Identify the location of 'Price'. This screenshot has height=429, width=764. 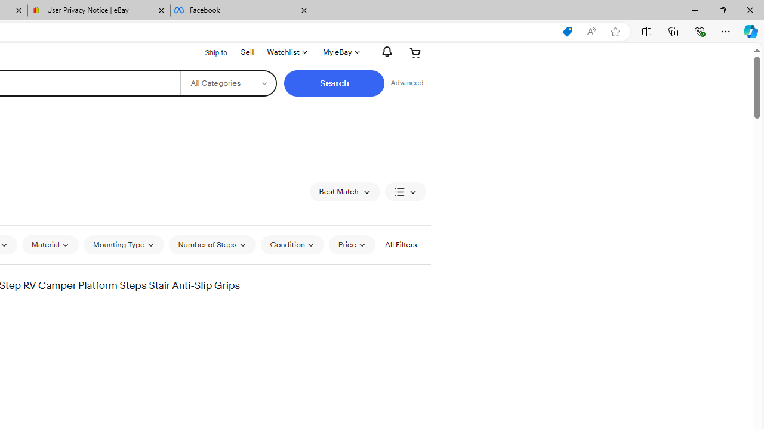
(351, 244).